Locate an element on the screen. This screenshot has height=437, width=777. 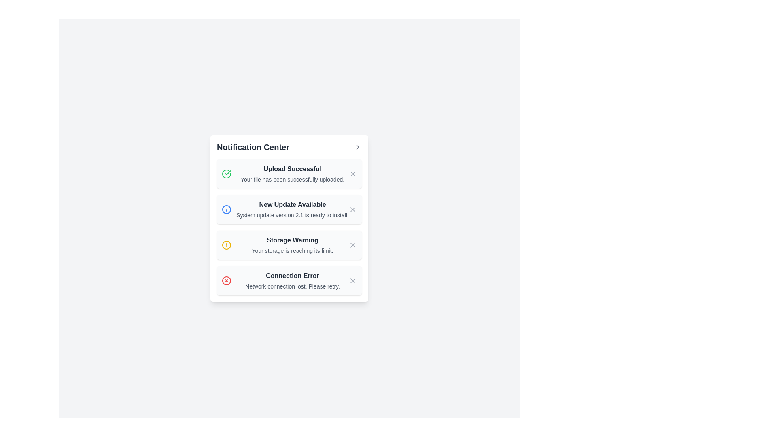
secondary text notification message that states 'Your storage is reaching its limit.' located within the 'Storage Warning' notification card under the heading 'Notification Center' is located at coordinates (292, 250).